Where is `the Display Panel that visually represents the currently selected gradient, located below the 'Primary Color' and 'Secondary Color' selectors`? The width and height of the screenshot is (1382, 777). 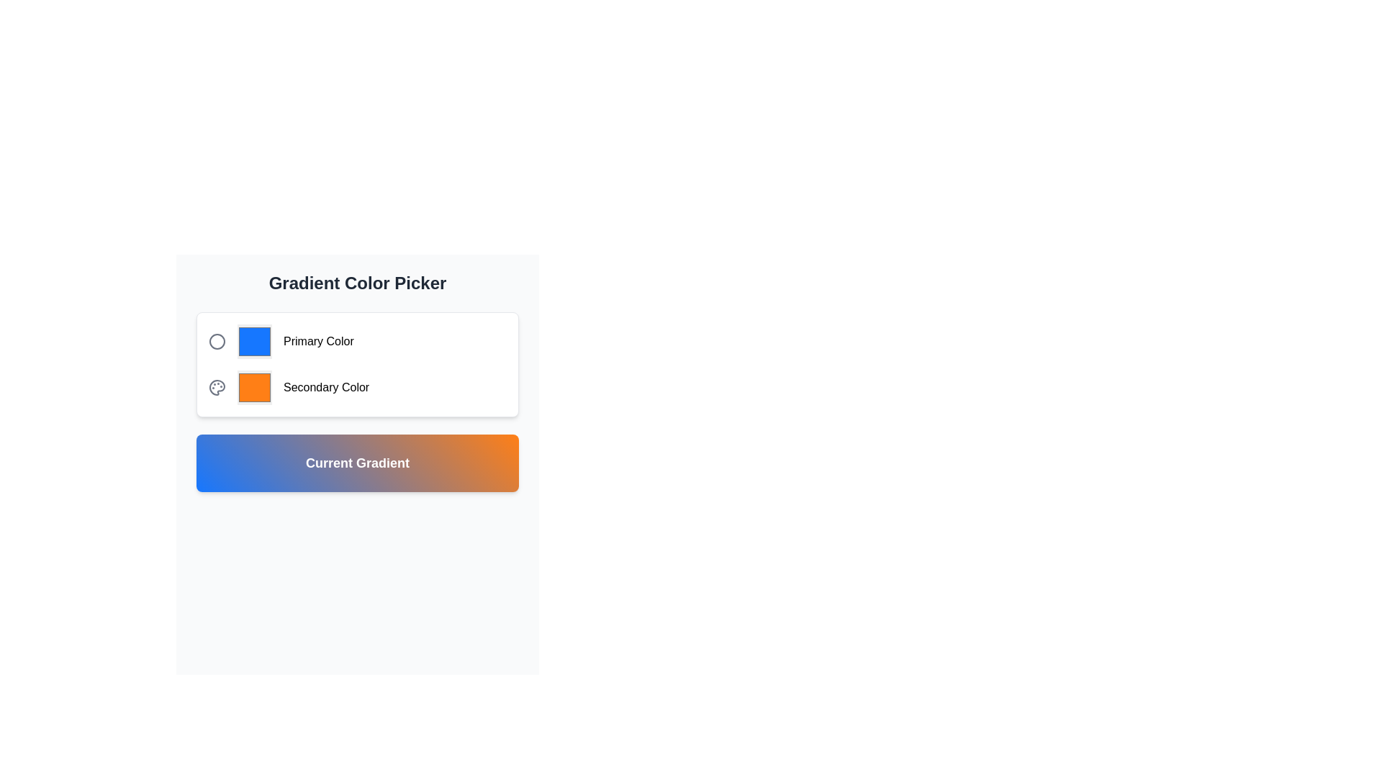
the Display Panel that visually represents the currently selected gradient, located below the 'Primary Color' and 'Secondary Color' selectors is located at coordinates (358, 463).